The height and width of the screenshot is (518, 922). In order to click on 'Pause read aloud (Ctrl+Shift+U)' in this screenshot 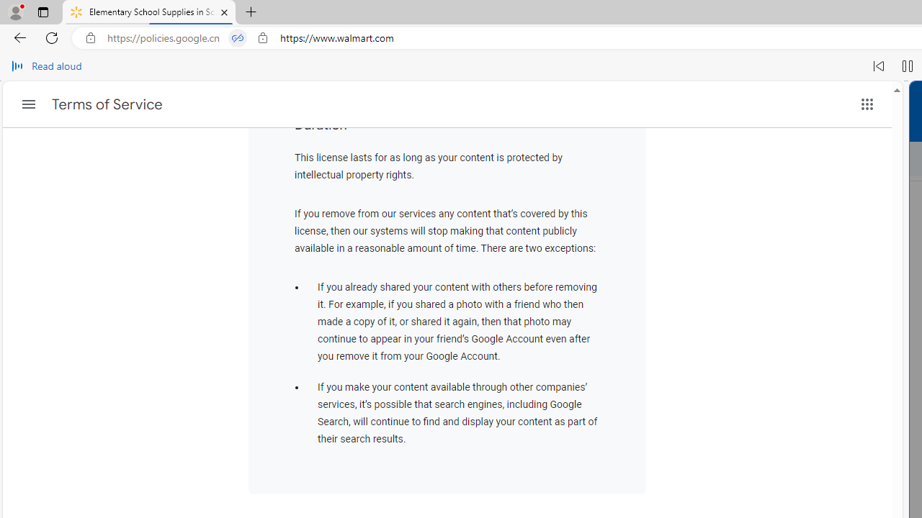, I will do `click(907, 66)`.